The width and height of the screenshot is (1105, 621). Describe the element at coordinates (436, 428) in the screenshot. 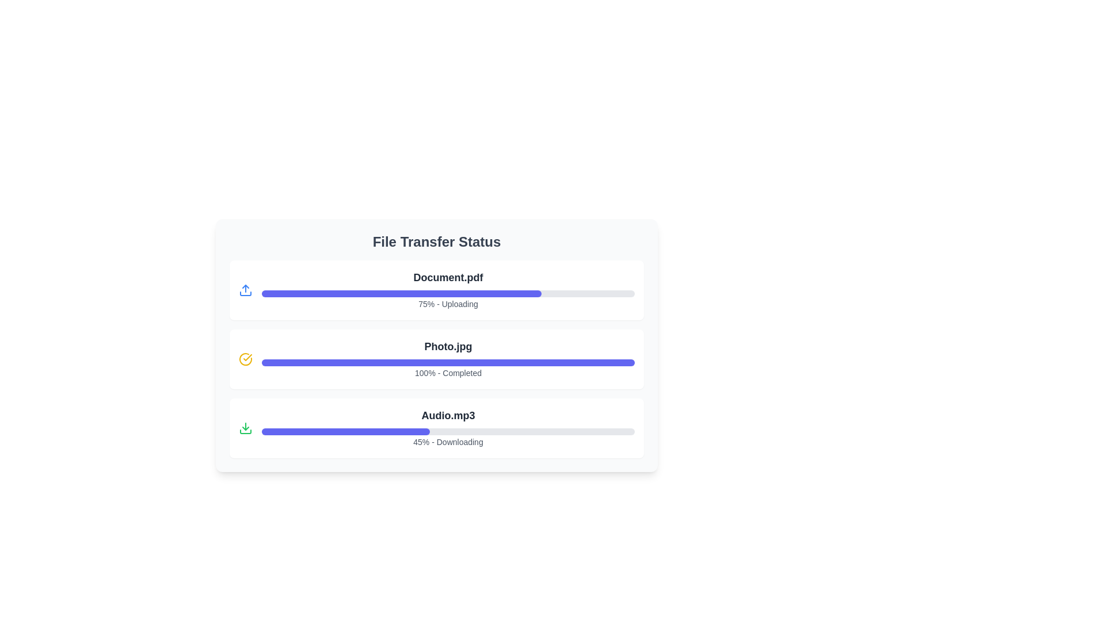

I see `the file name 'Audio.mp3' and status '45% - Downloading' displayed on the progress bar, which is the third entry in the list of file transfer progress bars` at that location.